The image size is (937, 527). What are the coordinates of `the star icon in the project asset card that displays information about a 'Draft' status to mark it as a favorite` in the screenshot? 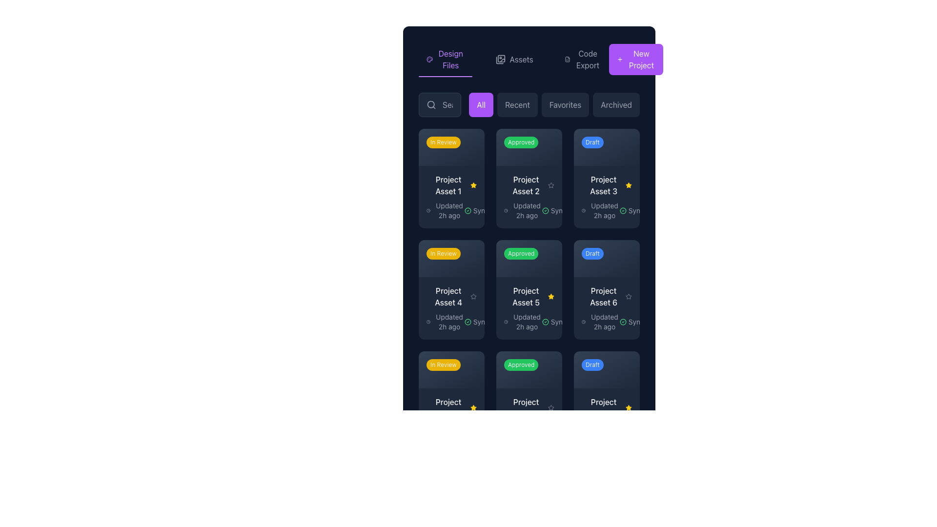 It's located at (606, 289).